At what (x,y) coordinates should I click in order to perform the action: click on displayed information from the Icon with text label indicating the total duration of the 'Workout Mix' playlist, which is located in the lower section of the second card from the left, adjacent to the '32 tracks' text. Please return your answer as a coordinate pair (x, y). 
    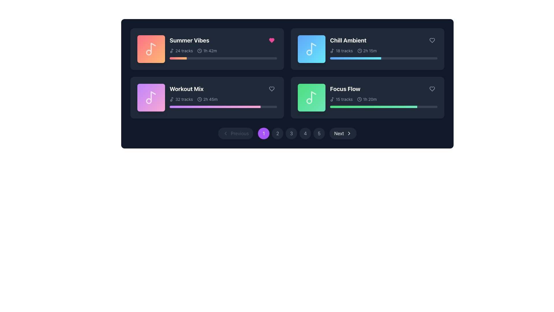
    Looking at the image, I should click on (207, 99).